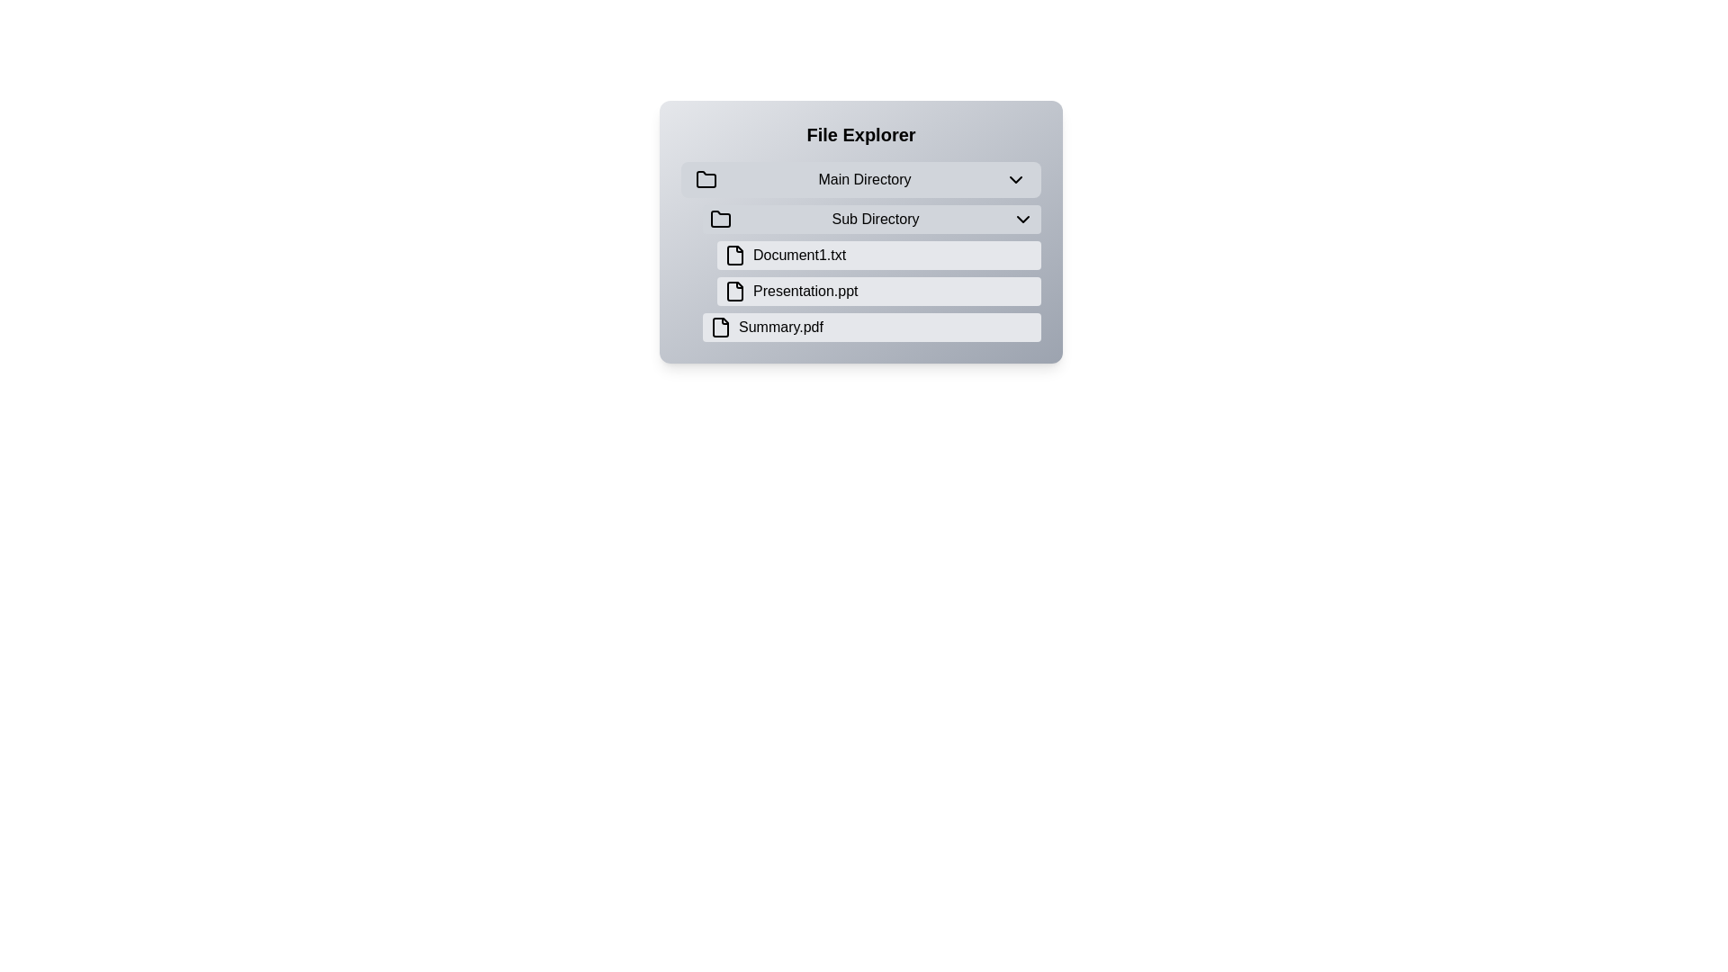  What do you see at coordinates (734, 291) in the screenshot?
I see `the Decorative icon located next to the 'Presentation.ppt' file label in the file list interface` at bounding box center [734, 291].